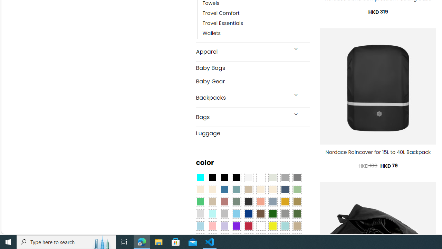  Describe the element at coordinates (297, 226) in the screenshot. I see `'Khaki'` at that location.